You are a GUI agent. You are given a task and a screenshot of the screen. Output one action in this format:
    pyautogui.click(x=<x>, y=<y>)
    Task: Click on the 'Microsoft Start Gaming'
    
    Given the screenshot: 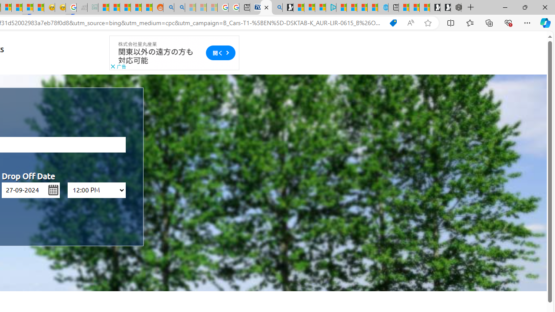 What is the action you would take?
    pyautogui.click(x=287, y=7)
    